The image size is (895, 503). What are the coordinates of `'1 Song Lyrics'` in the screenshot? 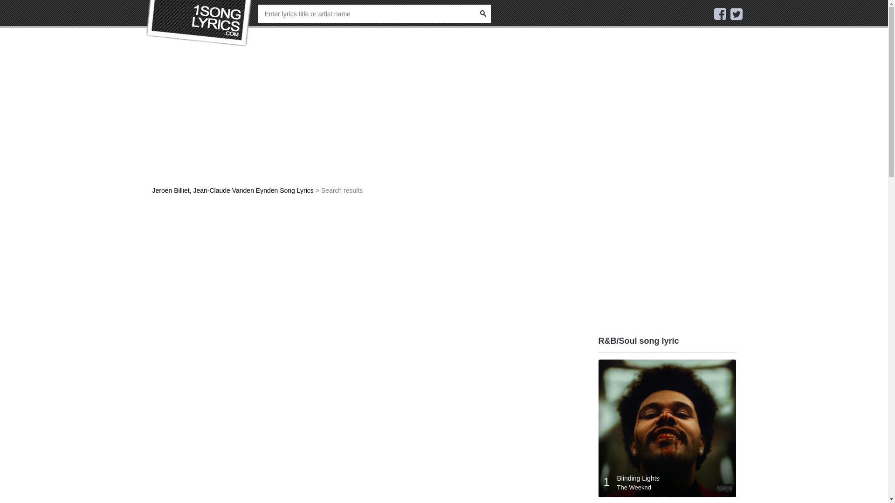 It's located at (199, 23).